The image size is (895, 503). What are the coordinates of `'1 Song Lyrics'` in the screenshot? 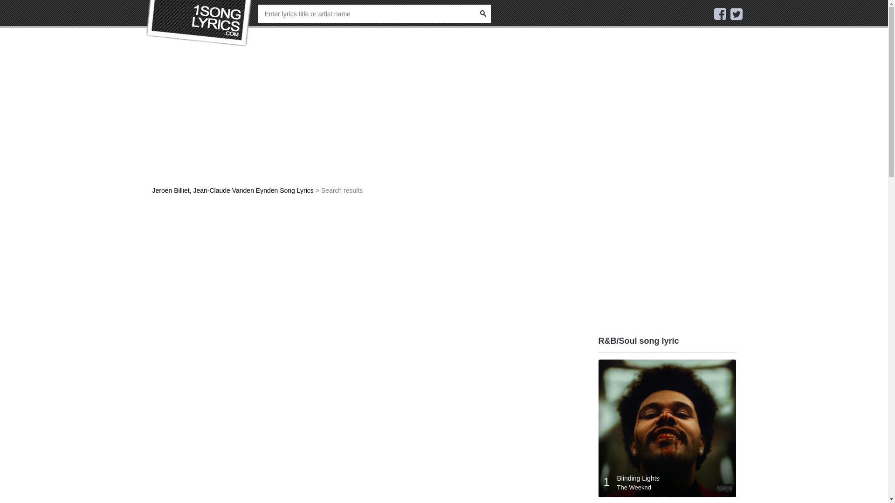 It's located at (199, 23).